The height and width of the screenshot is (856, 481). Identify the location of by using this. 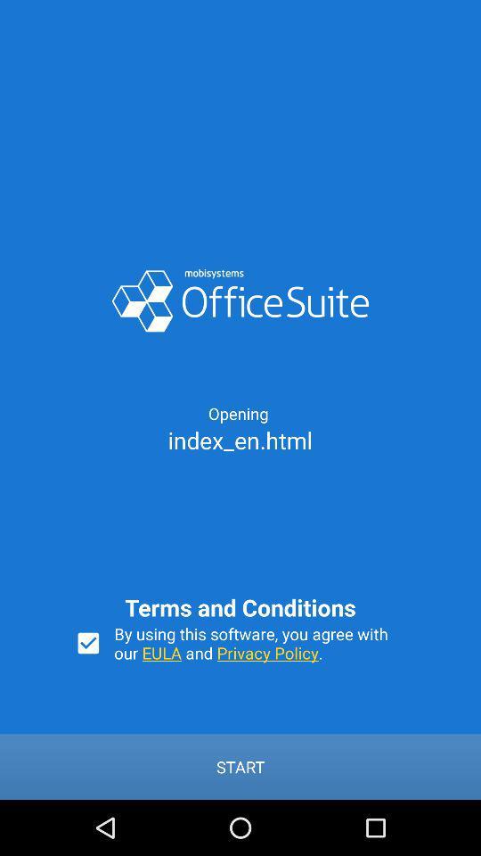
(259, 642).